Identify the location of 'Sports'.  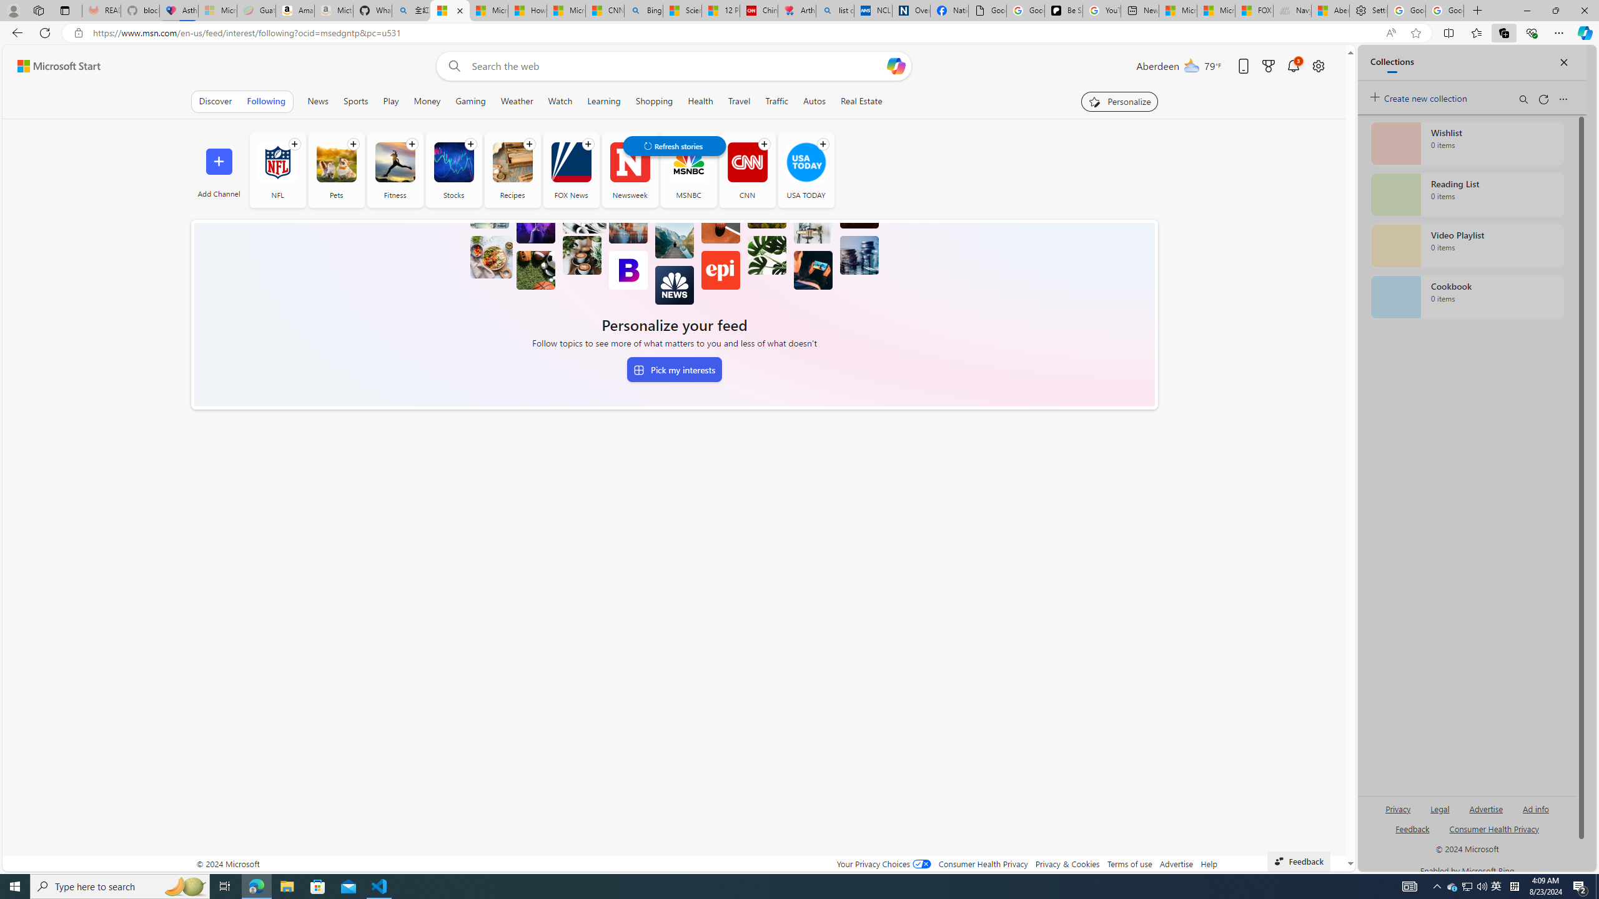
(355, 101).